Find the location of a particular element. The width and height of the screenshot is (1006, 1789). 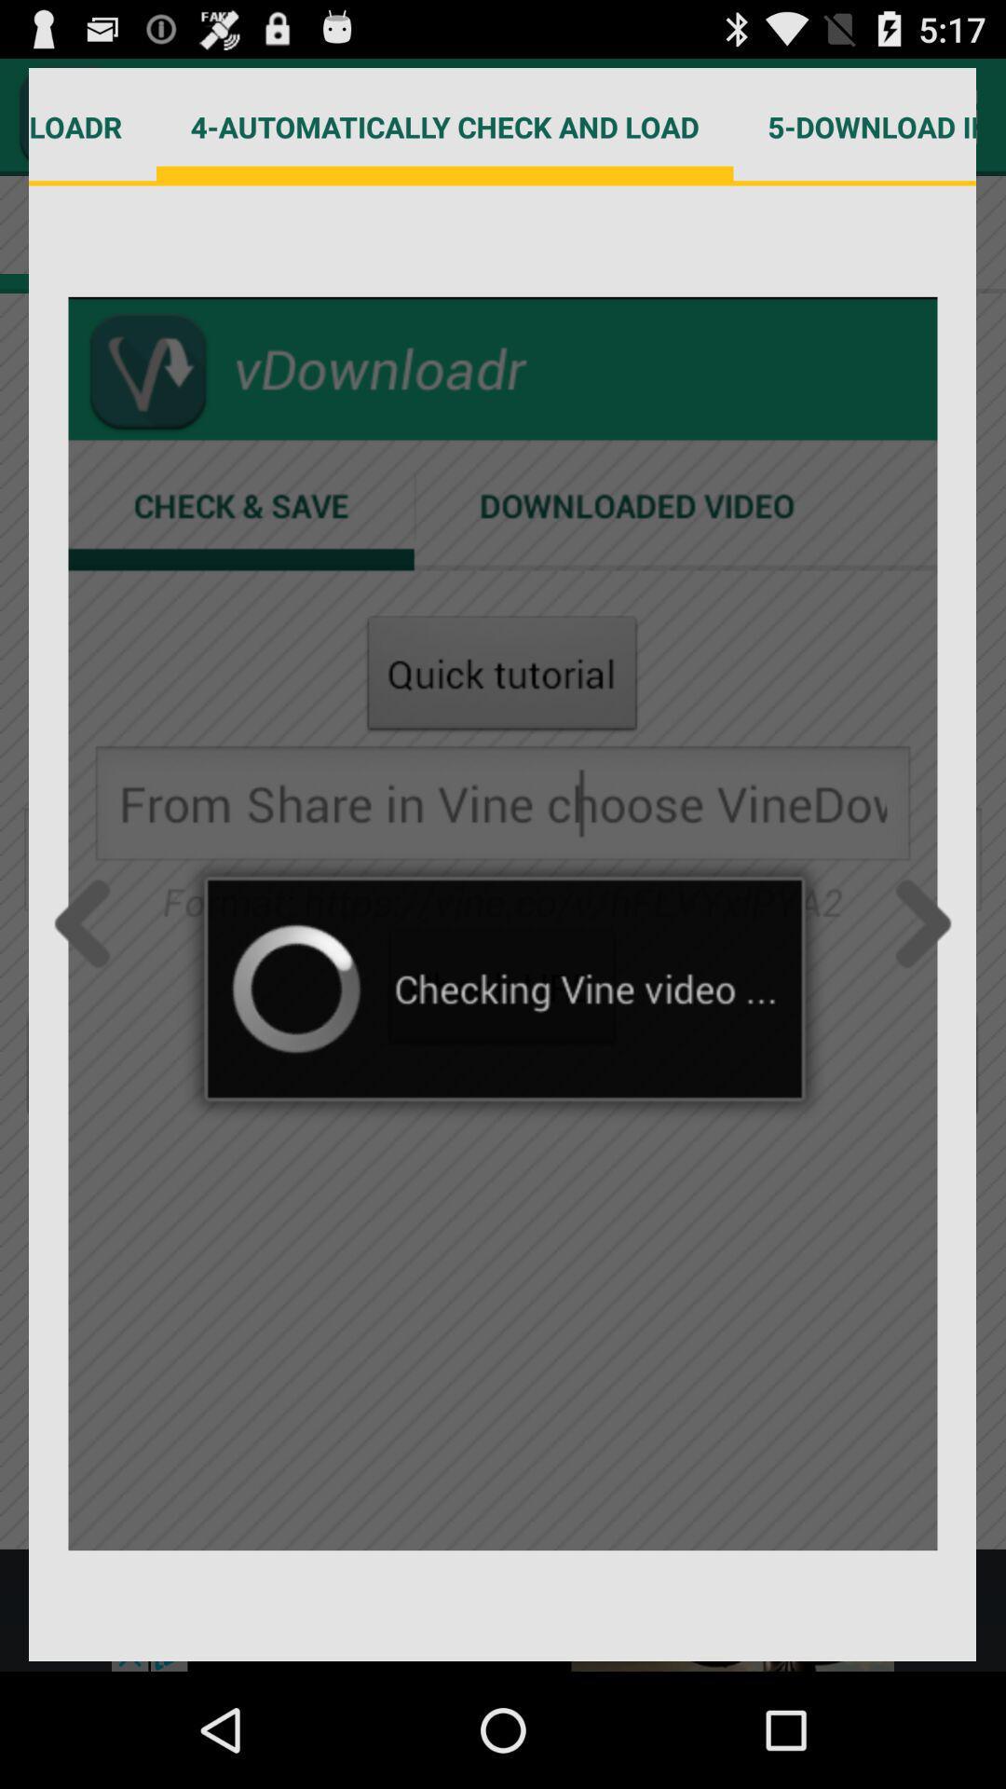

item to the right of the 3-choose vdownloadr item is located at coordinates (444, 126).